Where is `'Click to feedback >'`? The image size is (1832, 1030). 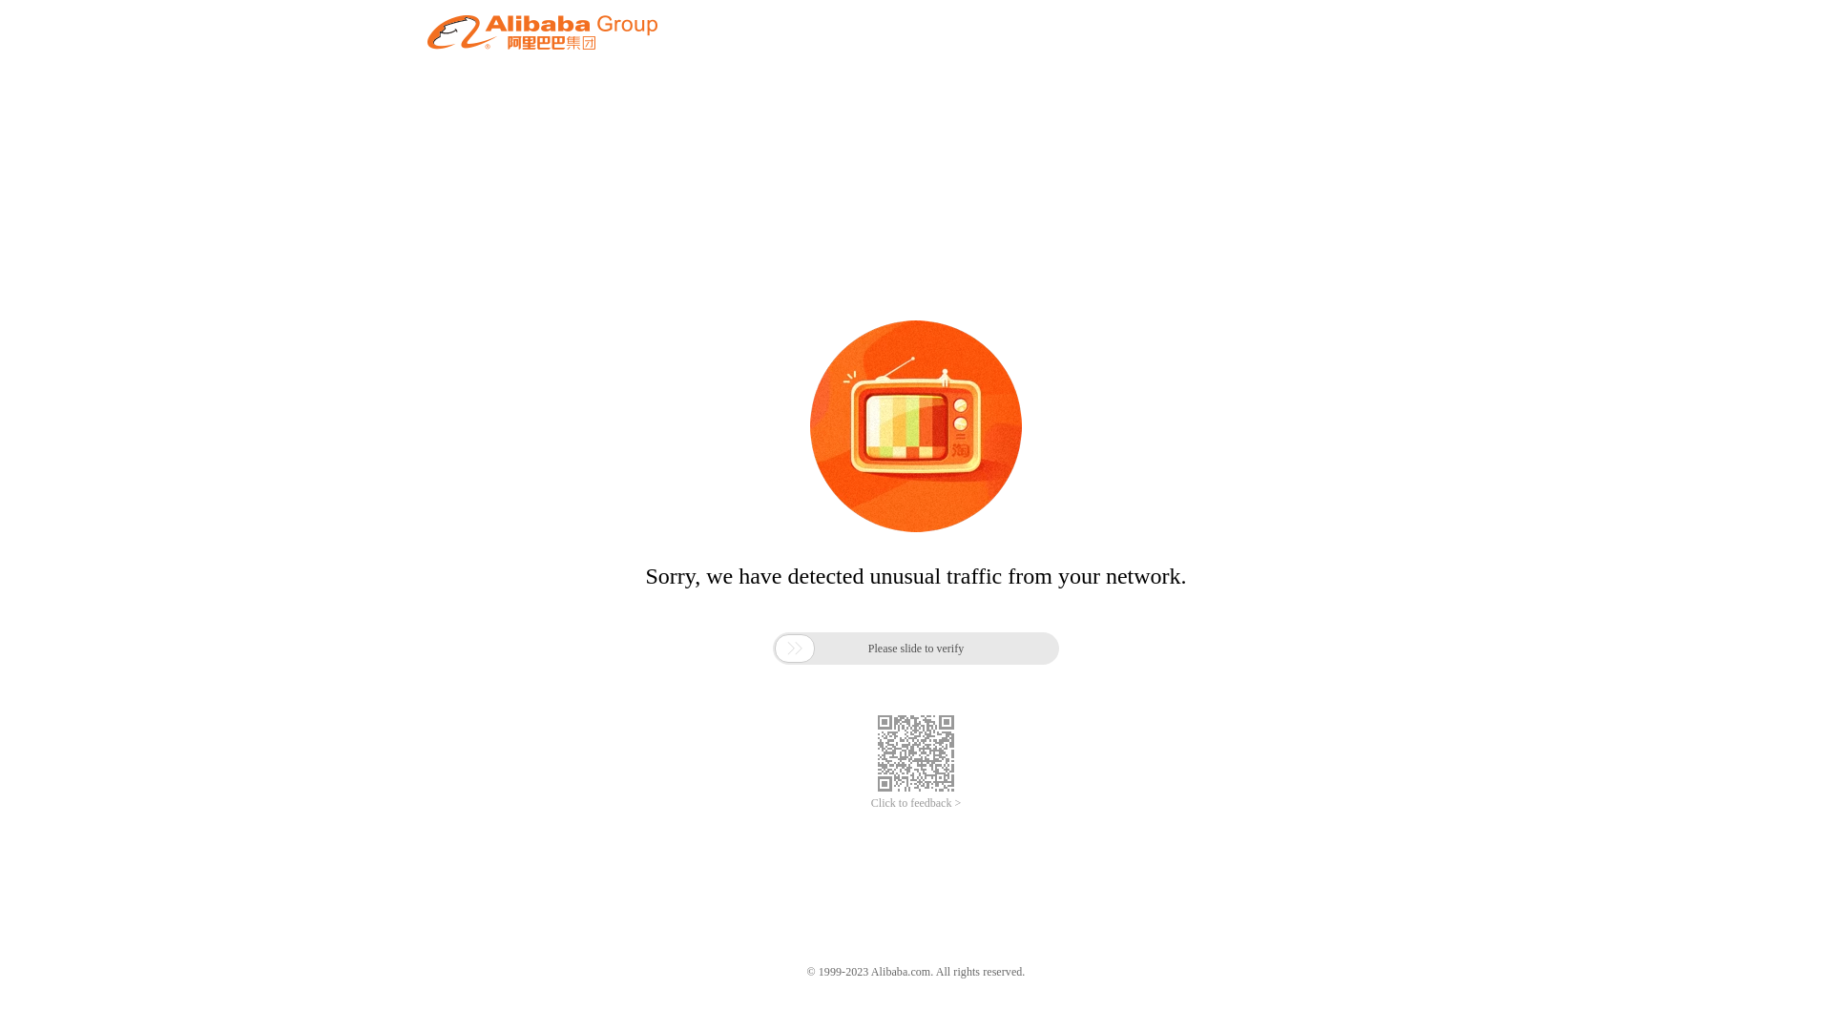 'Click to feedback >' is located at coordinates (916, 803).